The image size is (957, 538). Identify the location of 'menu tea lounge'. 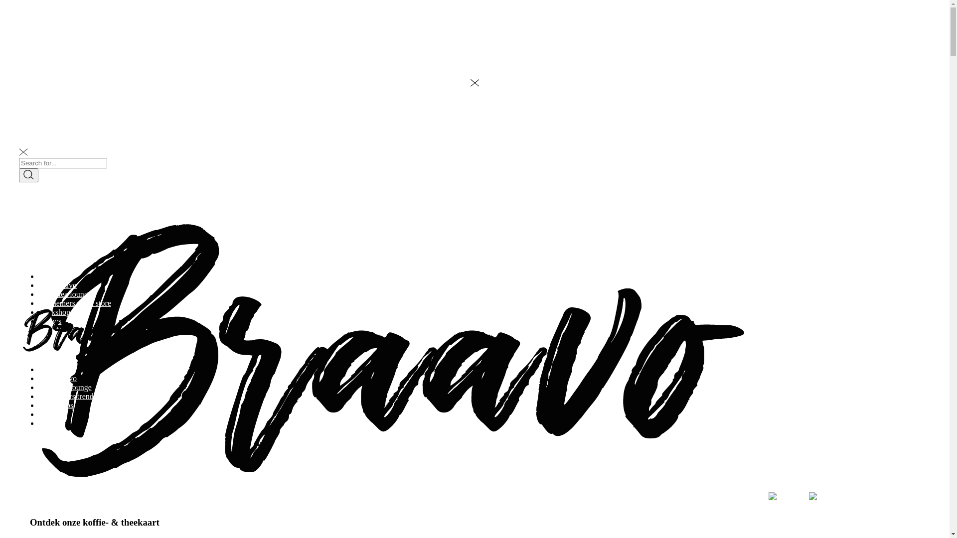
(38, 387).